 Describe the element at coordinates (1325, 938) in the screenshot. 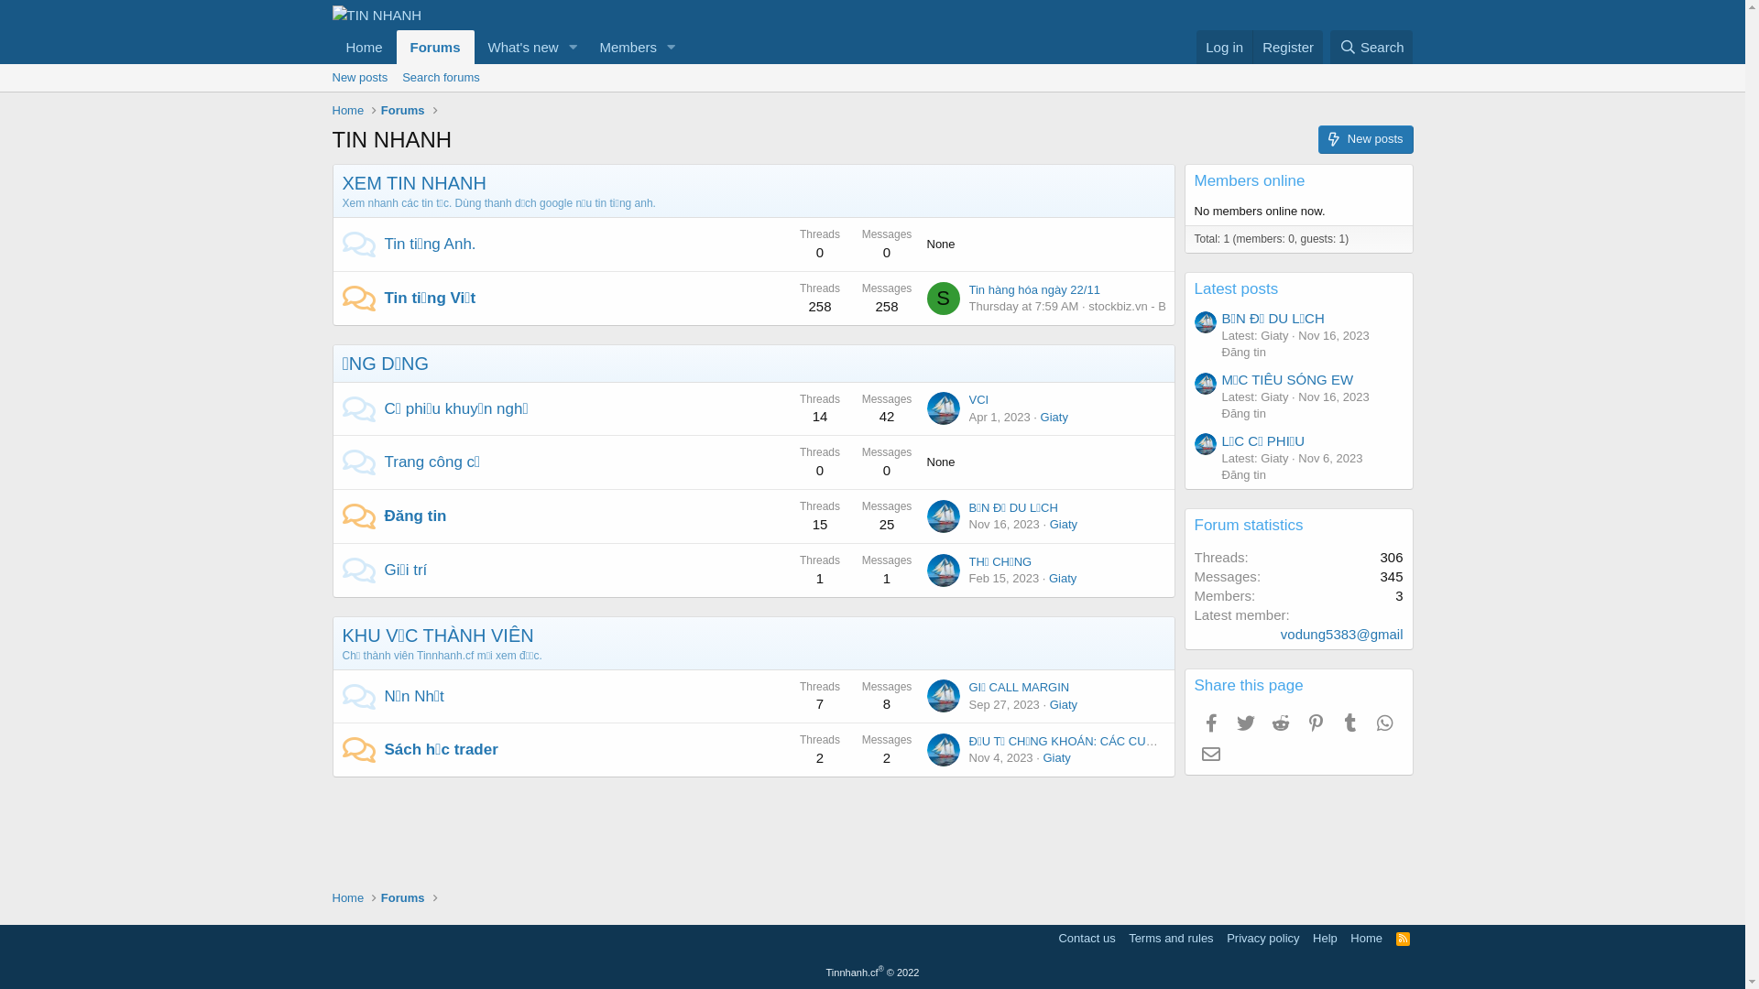

I see `'Help'` at that location.